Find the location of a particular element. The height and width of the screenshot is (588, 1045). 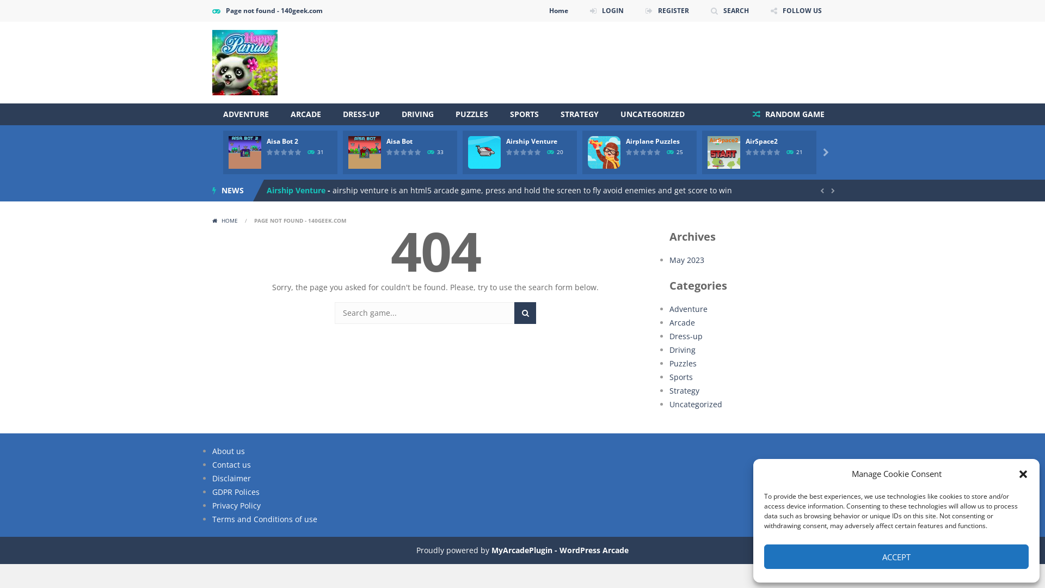

'Airplane Puzzles' is located at coordinates (653, 140).